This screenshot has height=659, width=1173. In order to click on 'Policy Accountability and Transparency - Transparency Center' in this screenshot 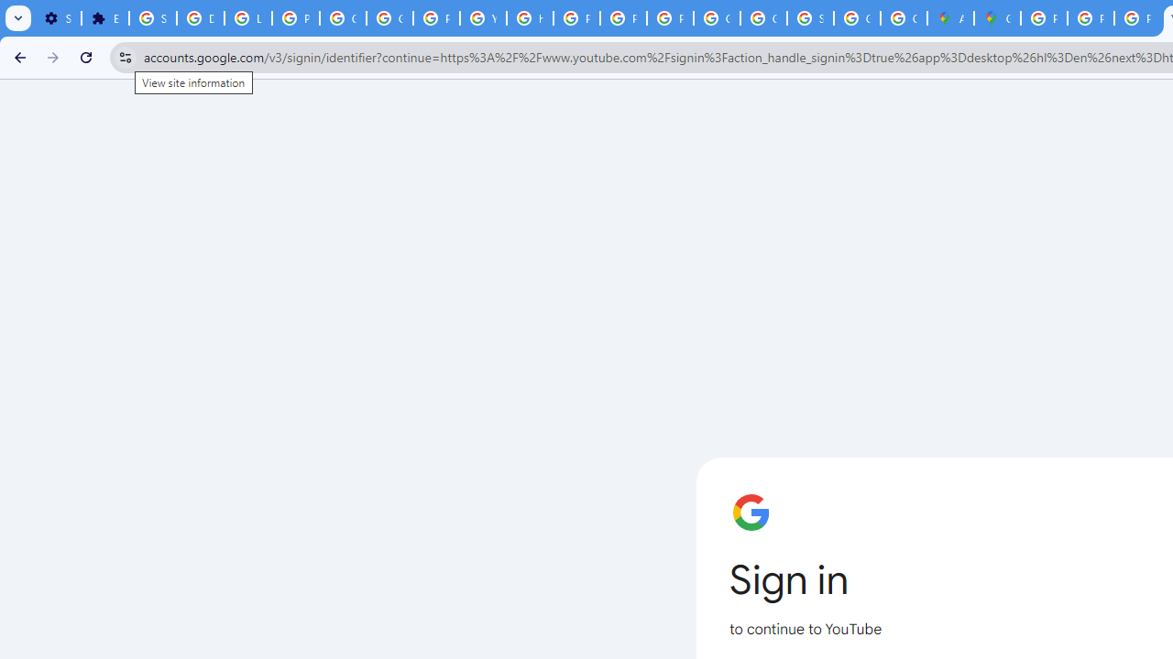, I will do `click(1044, 18)`.